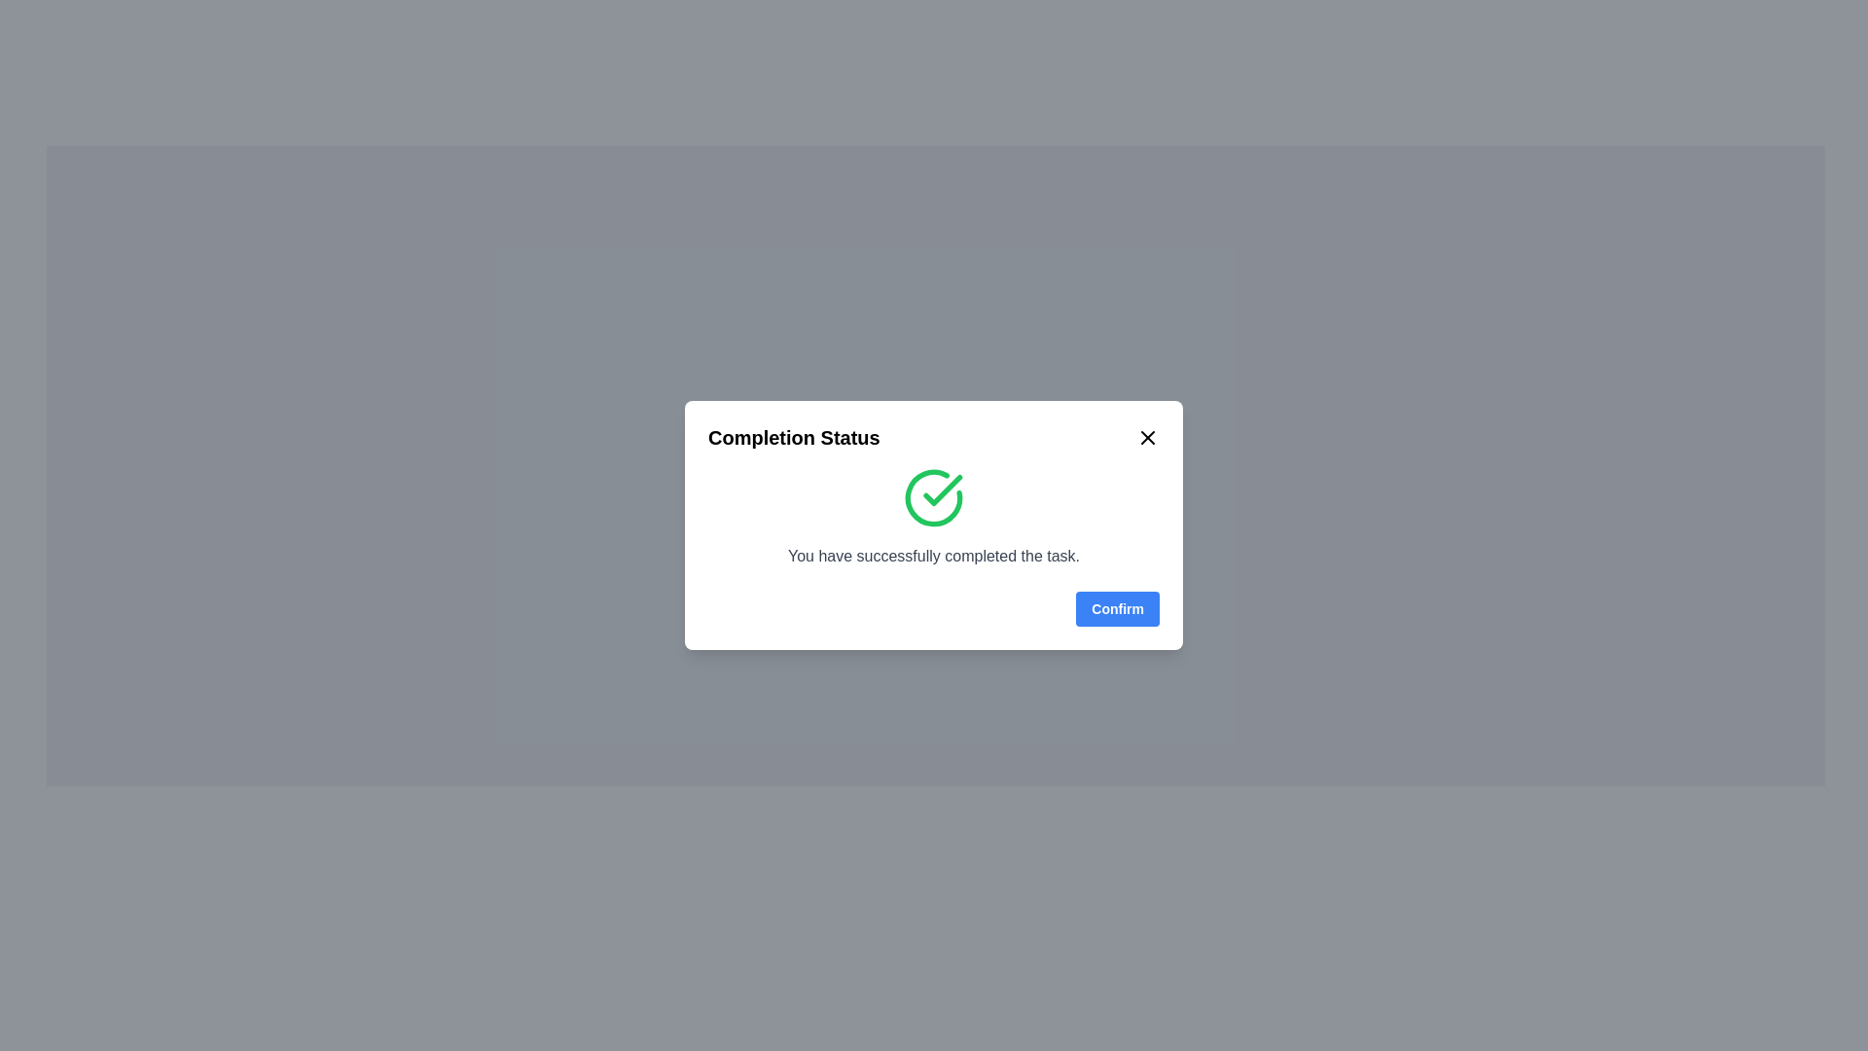 Image resolution: width=1868 pixels, height=1051 pixels. I want to click on the Close button, which is a black 'X' icon located at the upper-right corner of the 'Completion Status' dialog box, so click(1148, 438).